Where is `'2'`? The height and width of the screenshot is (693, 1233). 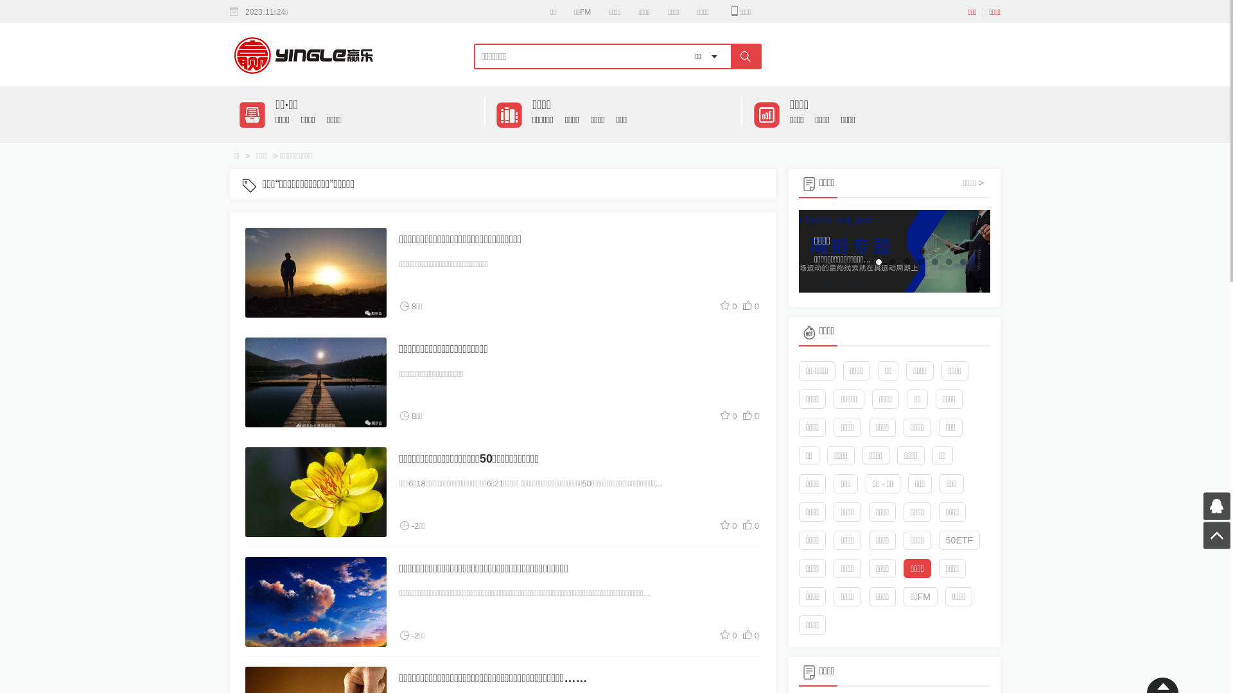 '2' is located at coordinates (835, 261).